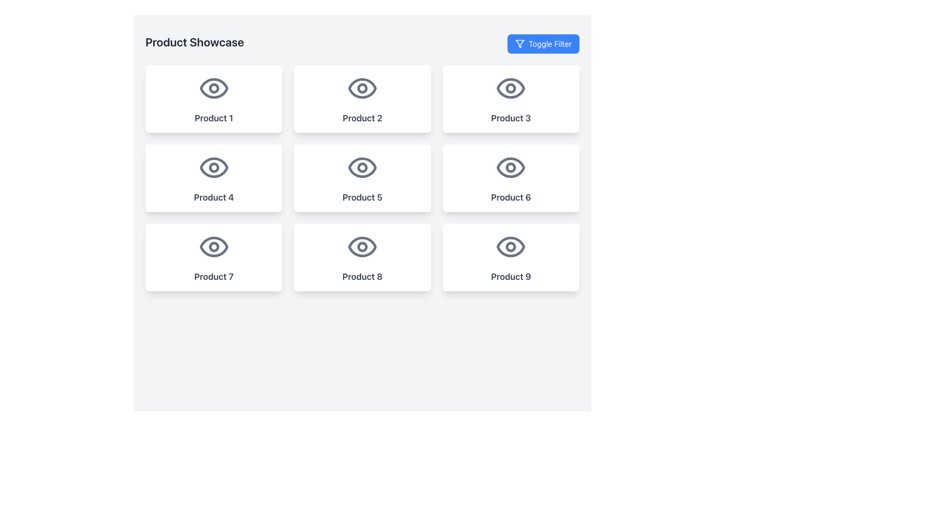 This screenshot has width=928, height=522. I want to click on the gray eye-shaped icon located above the text 'Product 6' in the second row of the third column in a 3x3 grid layout, so click(510, 167).